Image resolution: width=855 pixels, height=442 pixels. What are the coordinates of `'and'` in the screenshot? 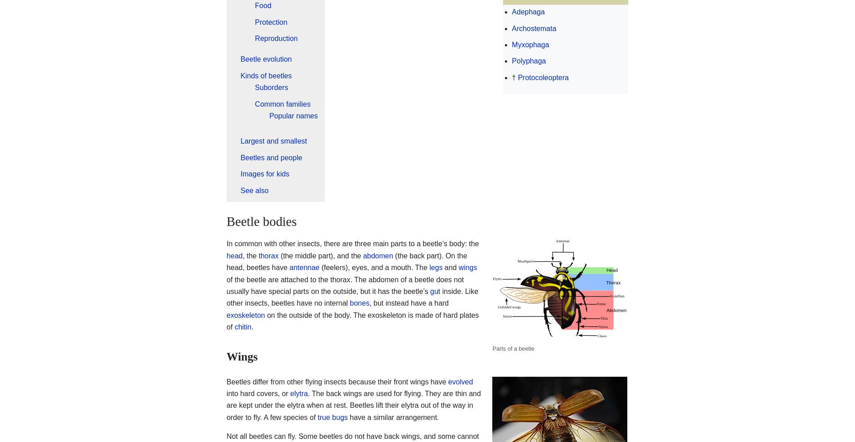 It's located at (450, 267).